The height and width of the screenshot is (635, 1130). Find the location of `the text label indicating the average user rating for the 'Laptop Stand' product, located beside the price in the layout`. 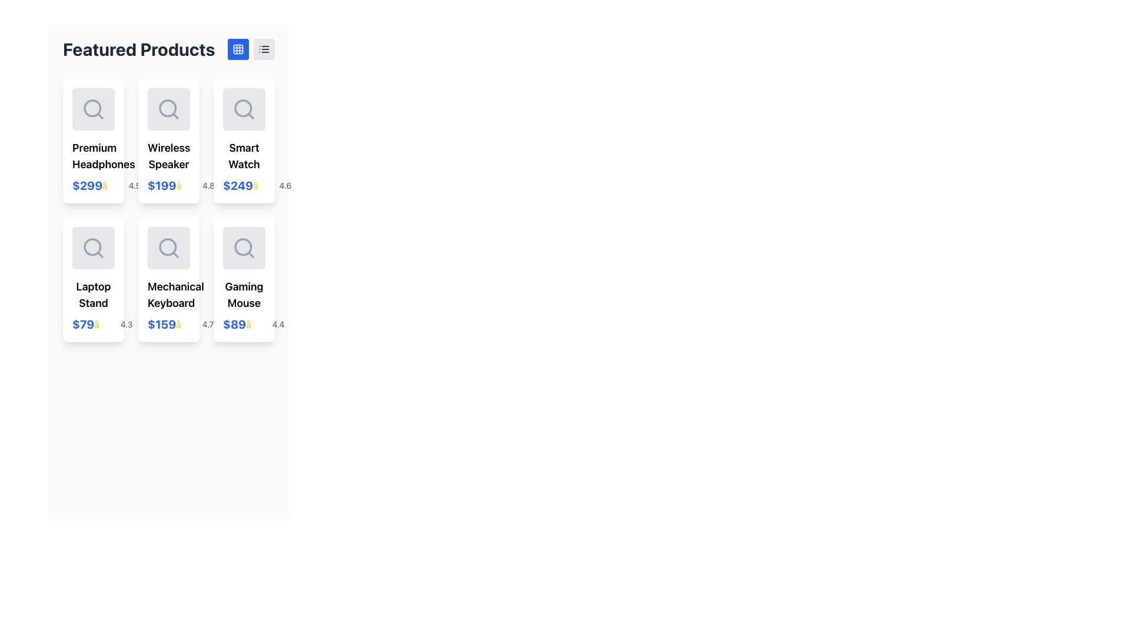

the text label indicating the average user rating for the 'Laptop Stand' product, located beside the price in the layout is located at coordinates (127, 324).